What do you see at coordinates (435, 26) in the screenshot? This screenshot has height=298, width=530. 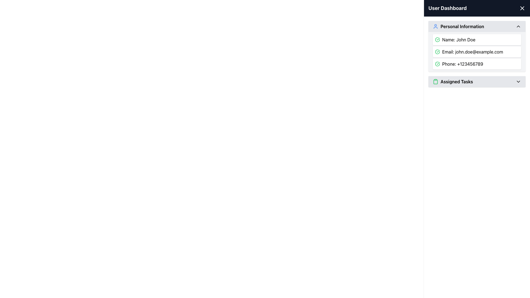 I see `the user-related content icon representing the 'Personal Information' section, which is located to the left of the corresponding textual label` at bounding box center [435, 26].